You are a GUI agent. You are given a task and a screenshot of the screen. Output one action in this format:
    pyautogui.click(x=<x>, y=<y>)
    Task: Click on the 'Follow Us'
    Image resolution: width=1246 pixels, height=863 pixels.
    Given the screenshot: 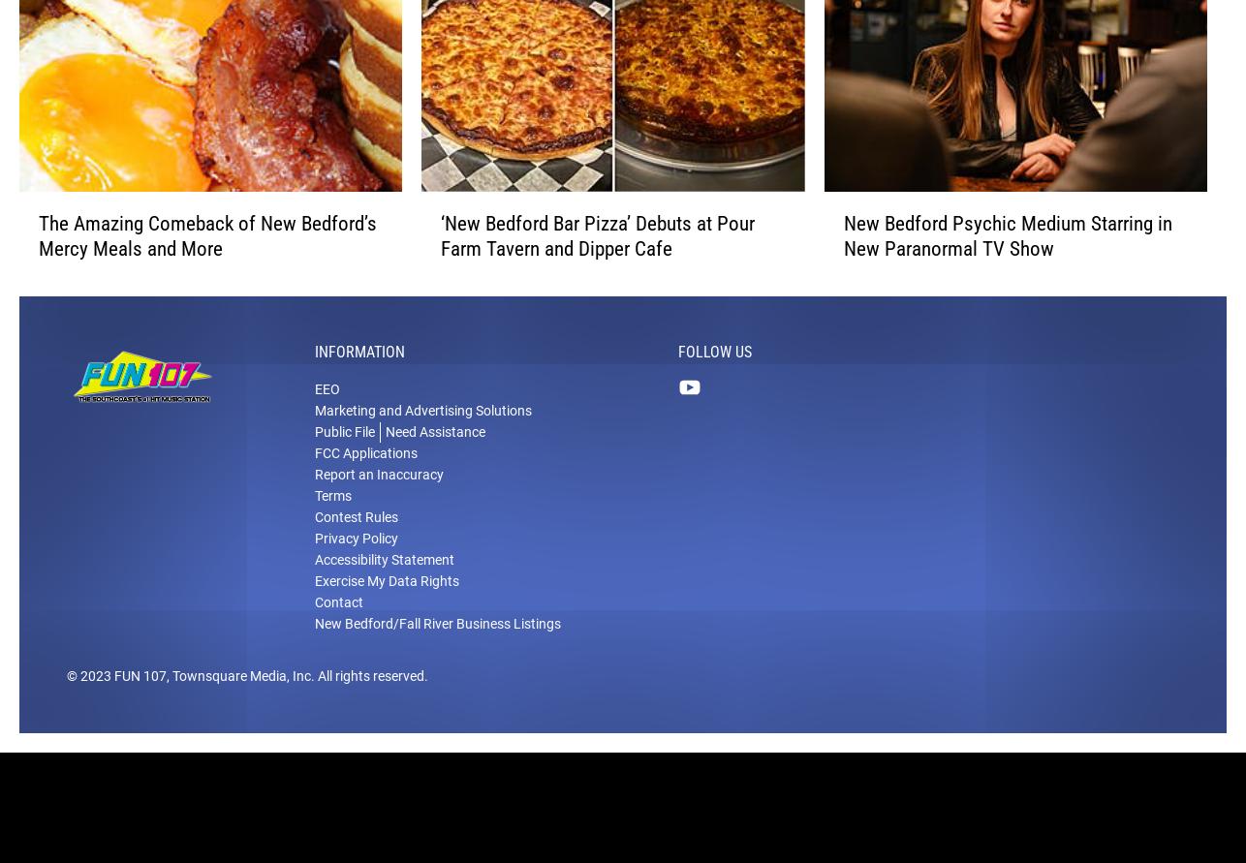 What is the action you would take?
    pyautogui.click(x=715, y=377)
    